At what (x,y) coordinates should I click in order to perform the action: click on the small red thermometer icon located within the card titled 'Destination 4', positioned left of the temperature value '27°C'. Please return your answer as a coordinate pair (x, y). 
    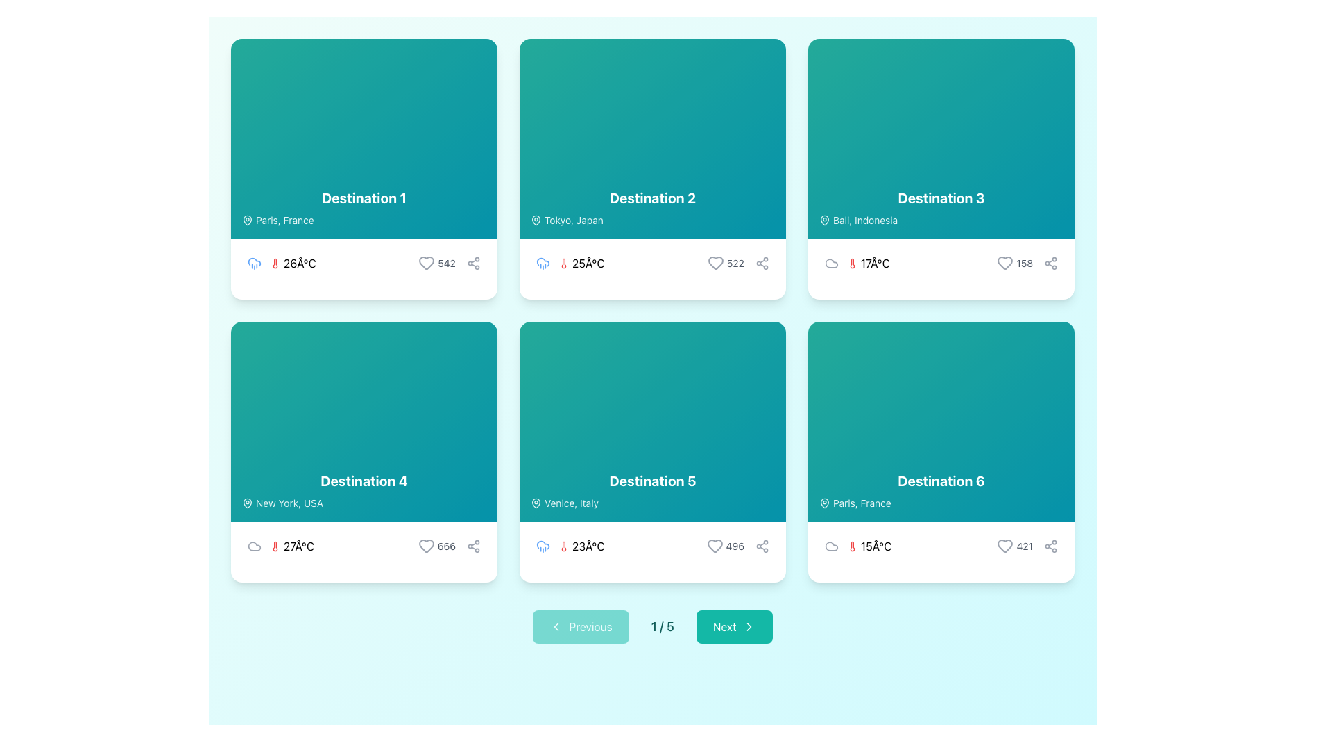
    Looking at the image, I should click on (275, 545).